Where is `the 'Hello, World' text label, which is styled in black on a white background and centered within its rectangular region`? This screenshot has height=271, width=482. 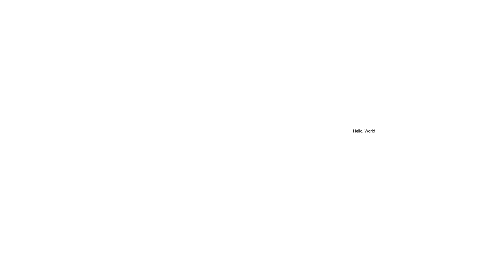
the 'Hello, World' text label, which is styled in black on a white background and centered within its rectangular region is located at coordinates (364, 130).